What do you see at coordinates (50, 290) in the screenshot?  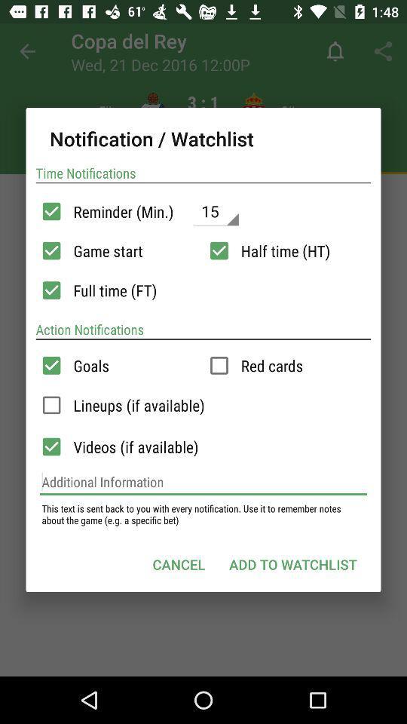 I see `check box for full time` at bounding box center [50, 290].